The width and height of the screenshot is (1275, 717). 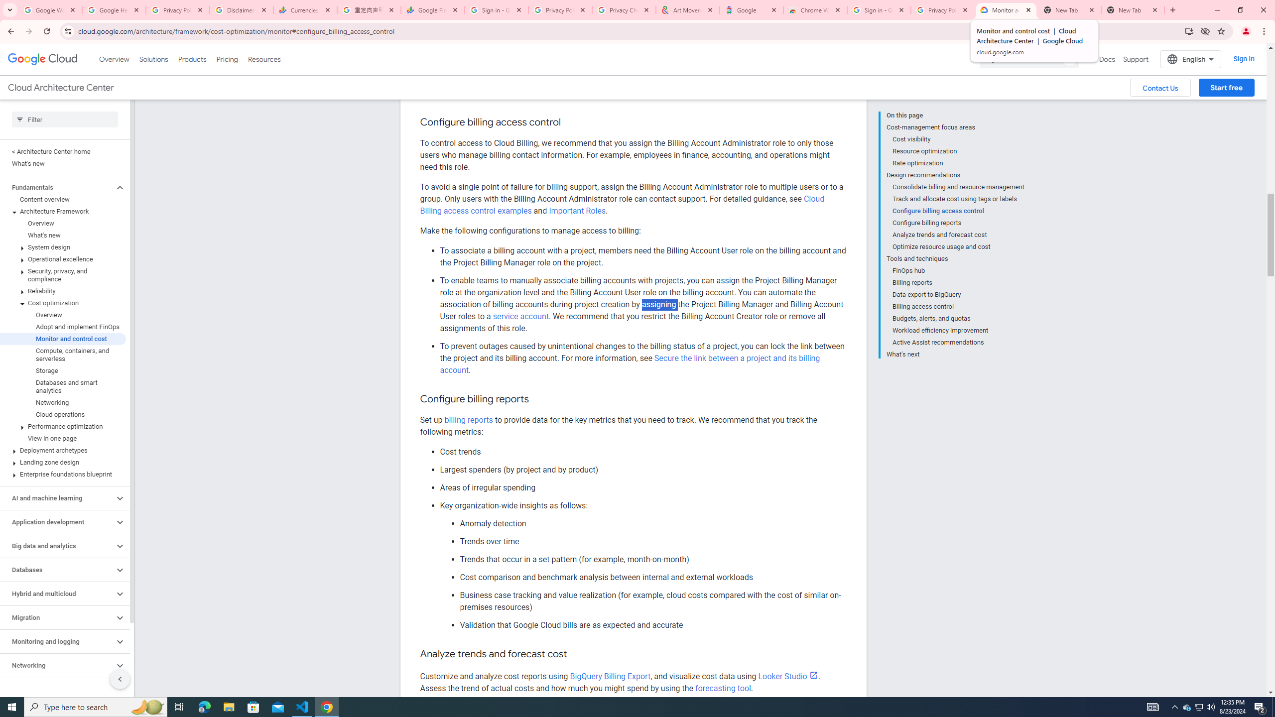 What do you see at coordinates (958, 162) in the screenshot?
I see `'Rate optimization'` at bounding box center [958, 162].